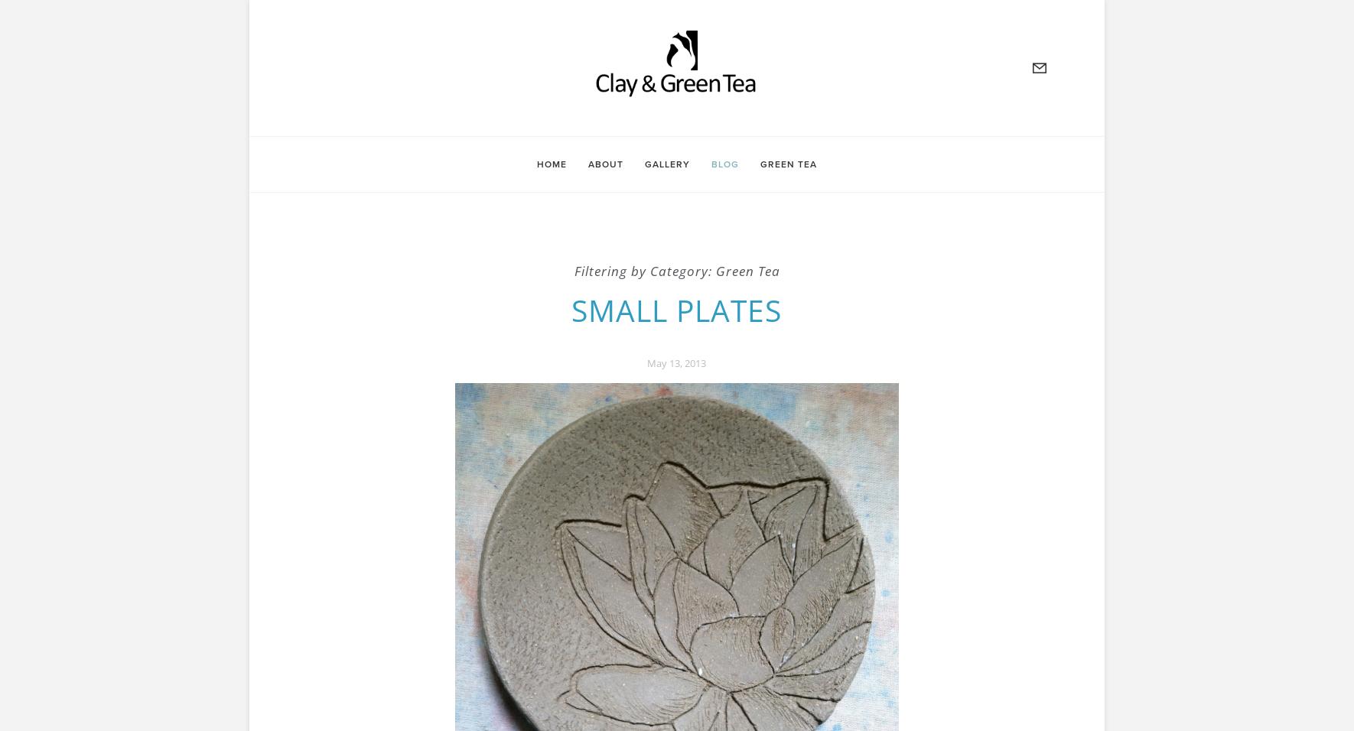 The width and height of the screenshot is (1354, 731). I want to click on 'About', so click(606, 163).